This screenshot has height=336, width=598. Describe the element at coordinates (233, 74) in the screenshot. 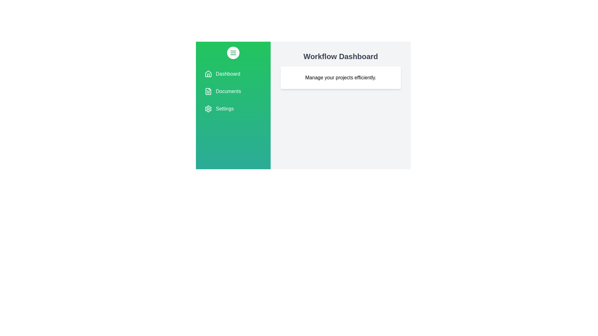

I see `the drawer item Dashboard to highlight it` at that location.